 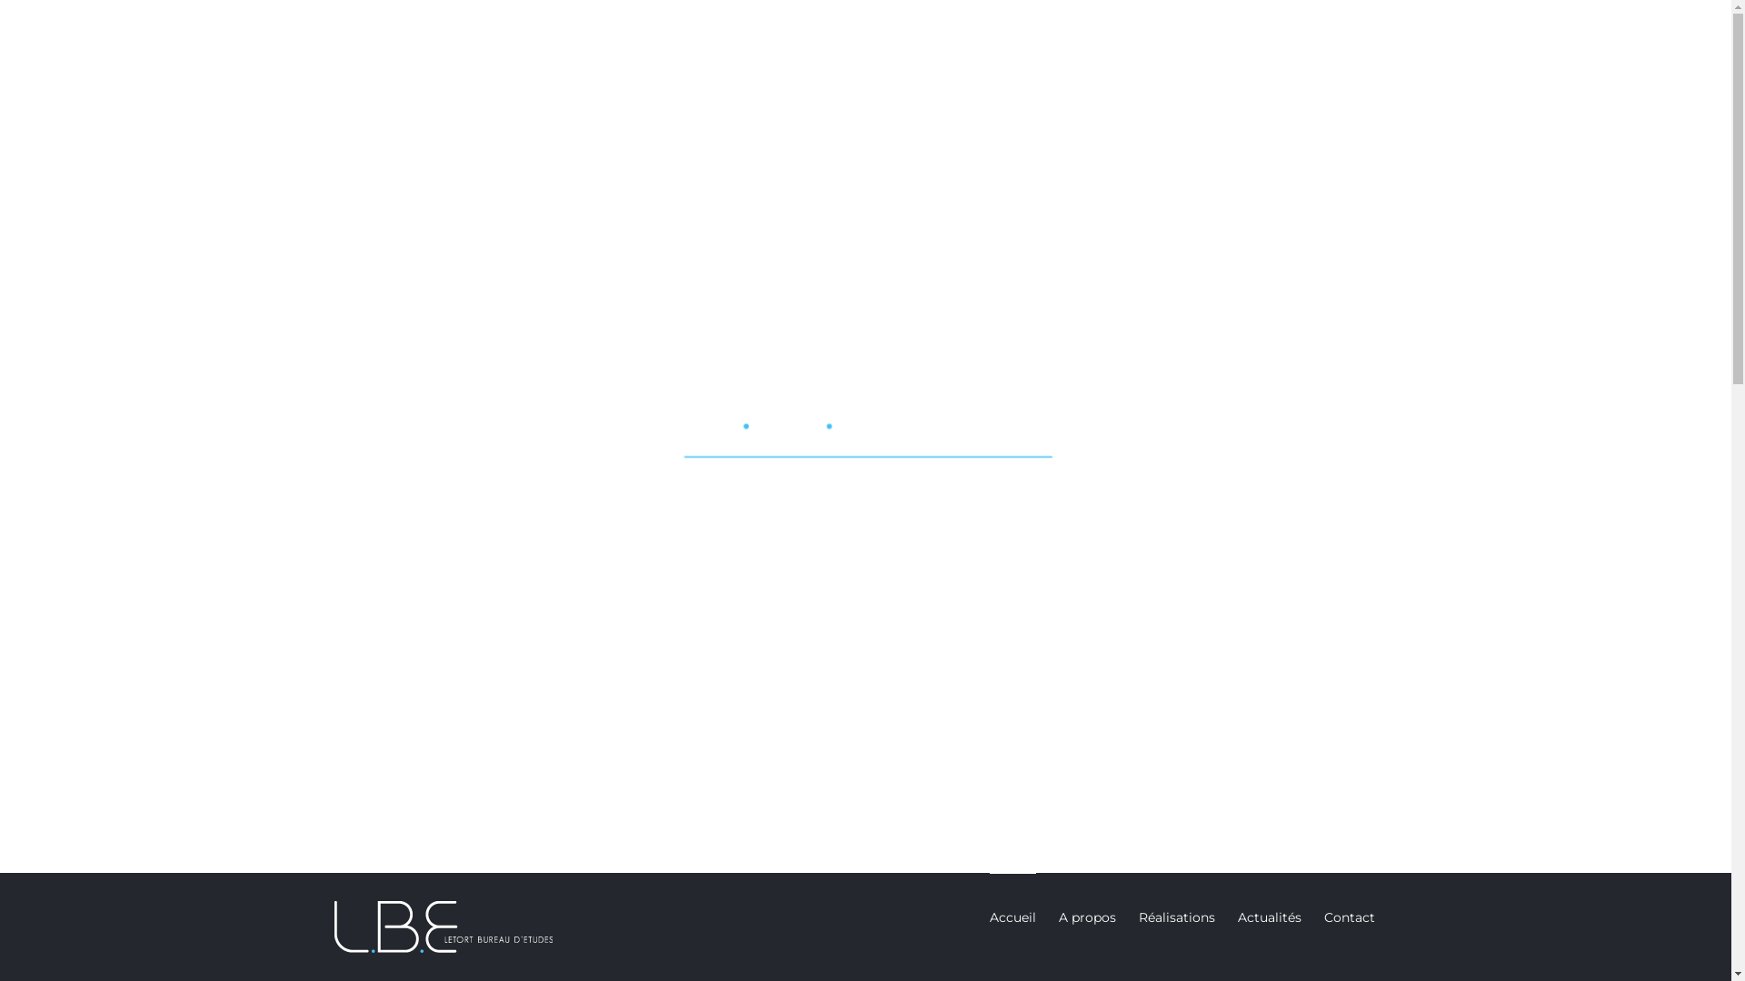 What do you see at coordinates (1086, 917) in the screenshot?
I see `'A propos'` at bounding box center [1086, 917].